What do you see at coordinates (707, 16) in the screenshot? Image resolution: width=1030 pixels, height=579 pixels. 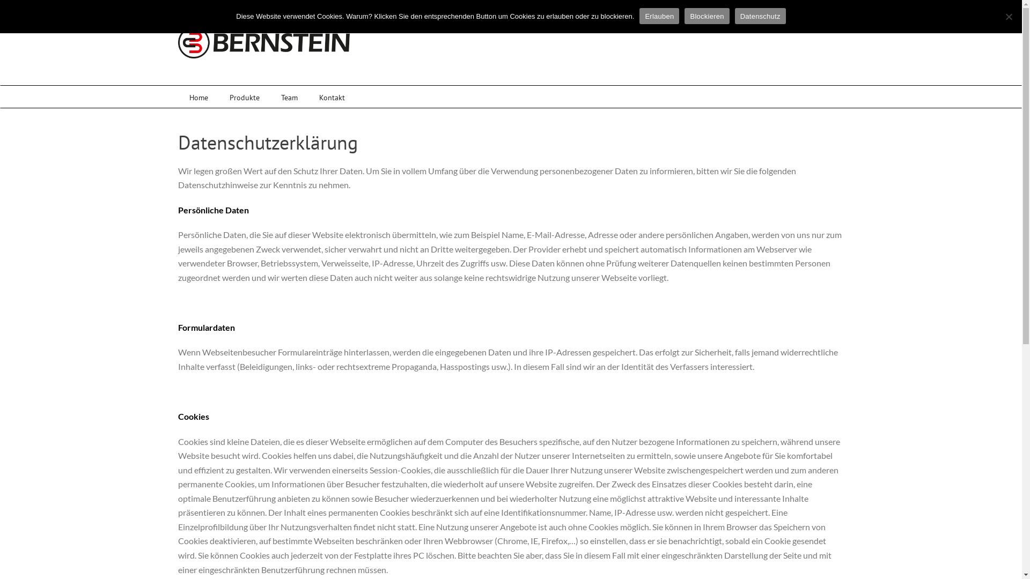 I see `'Blockieren'` at bounding box center [707, 16].